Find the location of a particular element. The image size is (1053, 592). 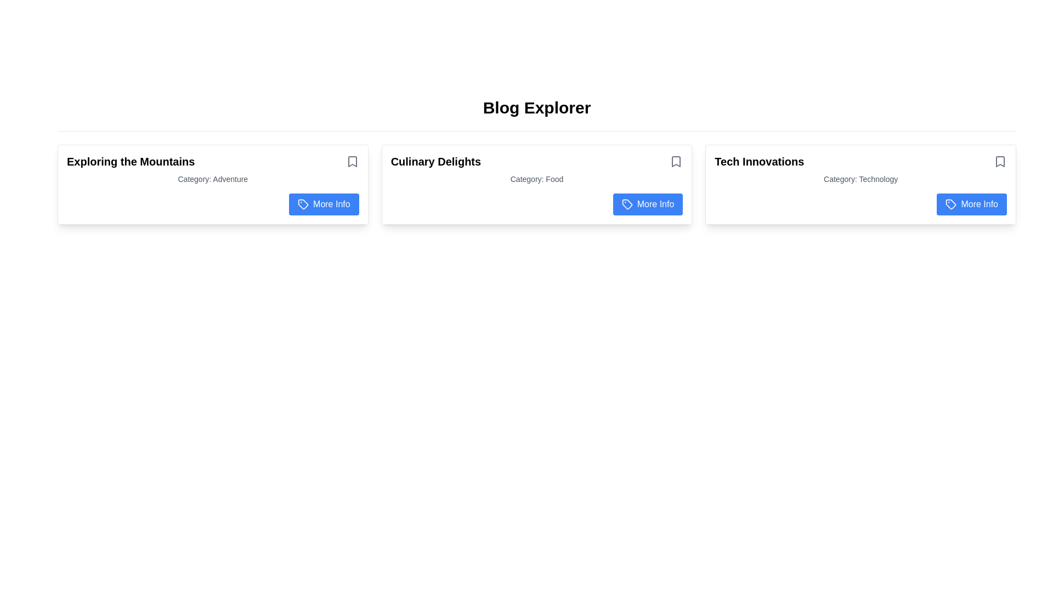

the 'More Info' button located at the bottom right of the 'Exploring the Mountains' card, which has a vivid blue background and white text is located at coordinates (323, 204).